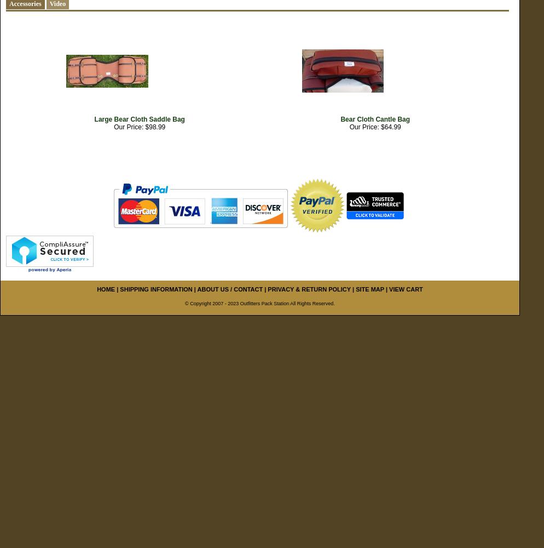 The width and height of the screenshot is (544, 548). Describe the element at coordinates (374, 119) in the screenshot. I see `'Bear Cloth Cantle Bag'` at that location.